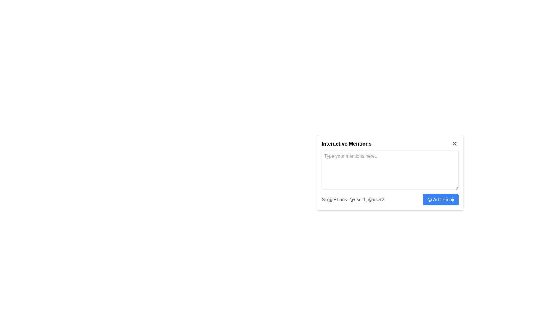 The image size is (550, 309). What do you see at coordinates (454, 143) in the screenshot?
I see `the close button located at the top-right corner of the 'Interactive Mentions' modal` at bounding box center [454, 143].